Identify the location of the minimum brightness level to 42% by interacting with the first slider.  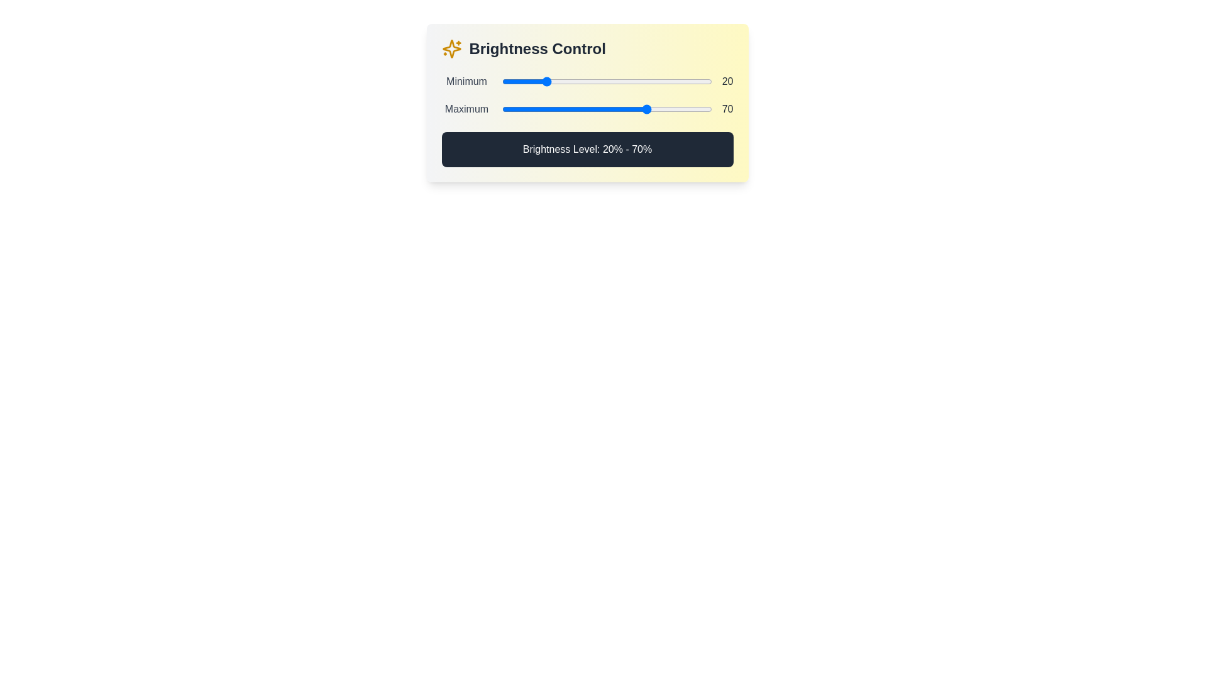
(589, 82).